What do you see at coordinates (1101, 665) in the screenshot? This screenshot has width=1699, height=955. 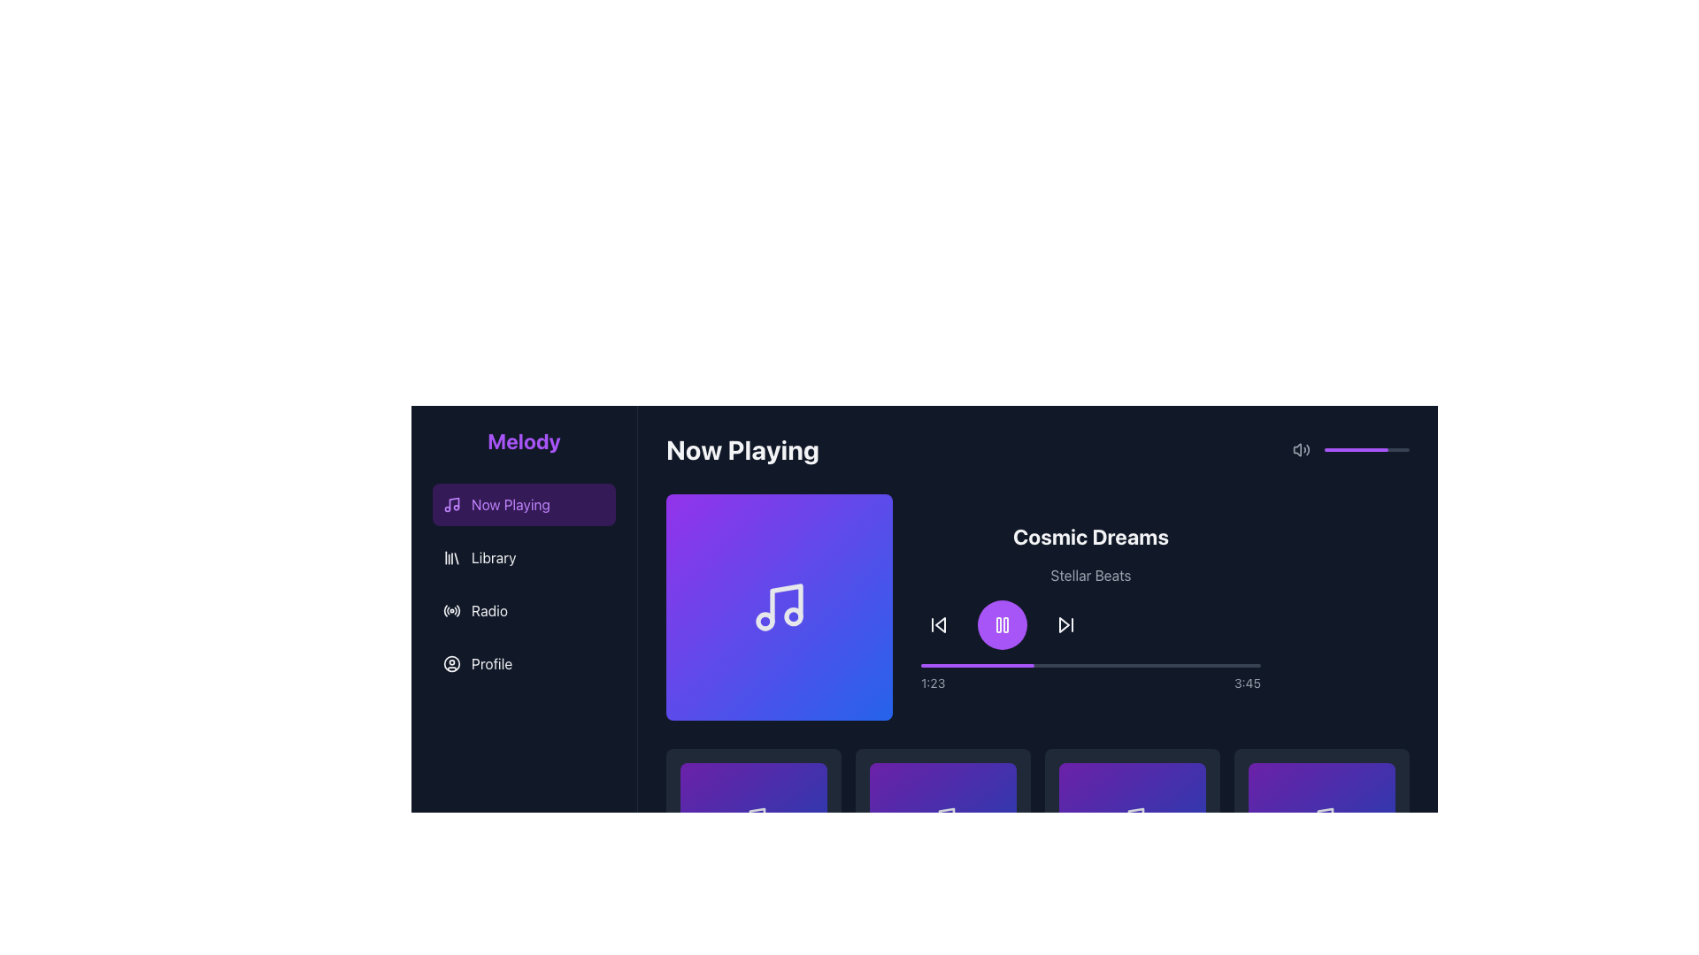 I see `media playback` at bounding box center [1101, 665].